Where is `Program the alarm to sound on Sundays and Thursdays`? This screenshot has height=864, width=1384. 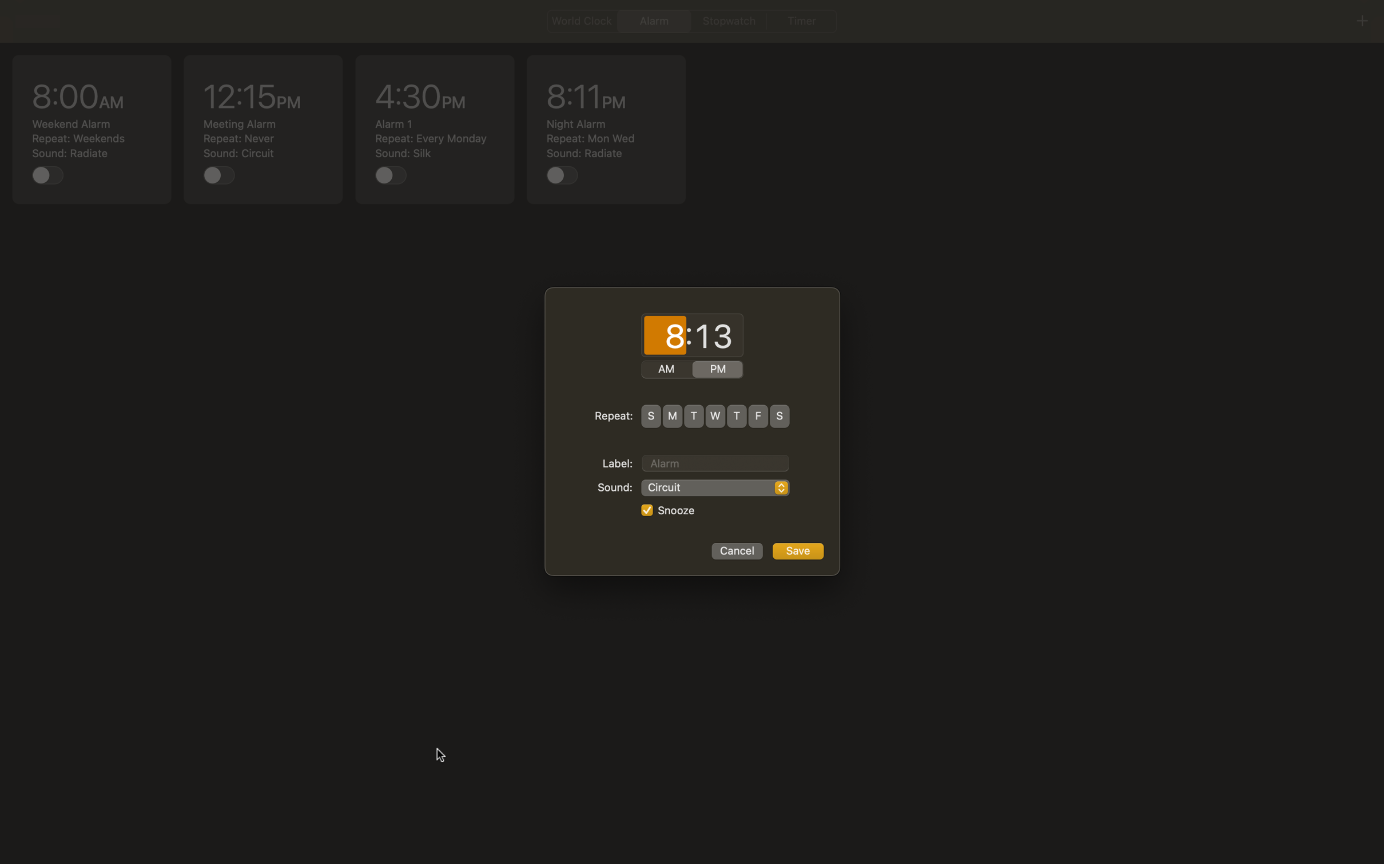 Program the alarm to sound on Sundays and Thursdays is located at coordinates (650, 415).